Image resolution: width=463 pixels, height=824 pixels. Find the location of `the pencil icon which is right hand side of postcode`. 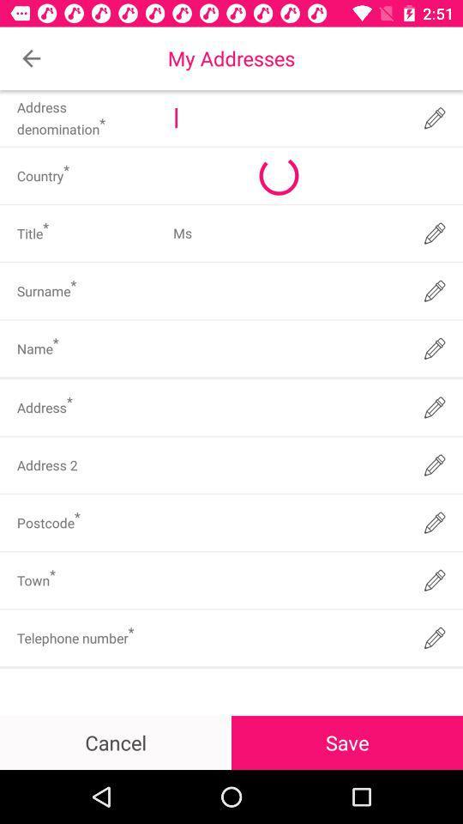

the pencil icon which is right hand side of postcode is located at coordinates (435, 522).